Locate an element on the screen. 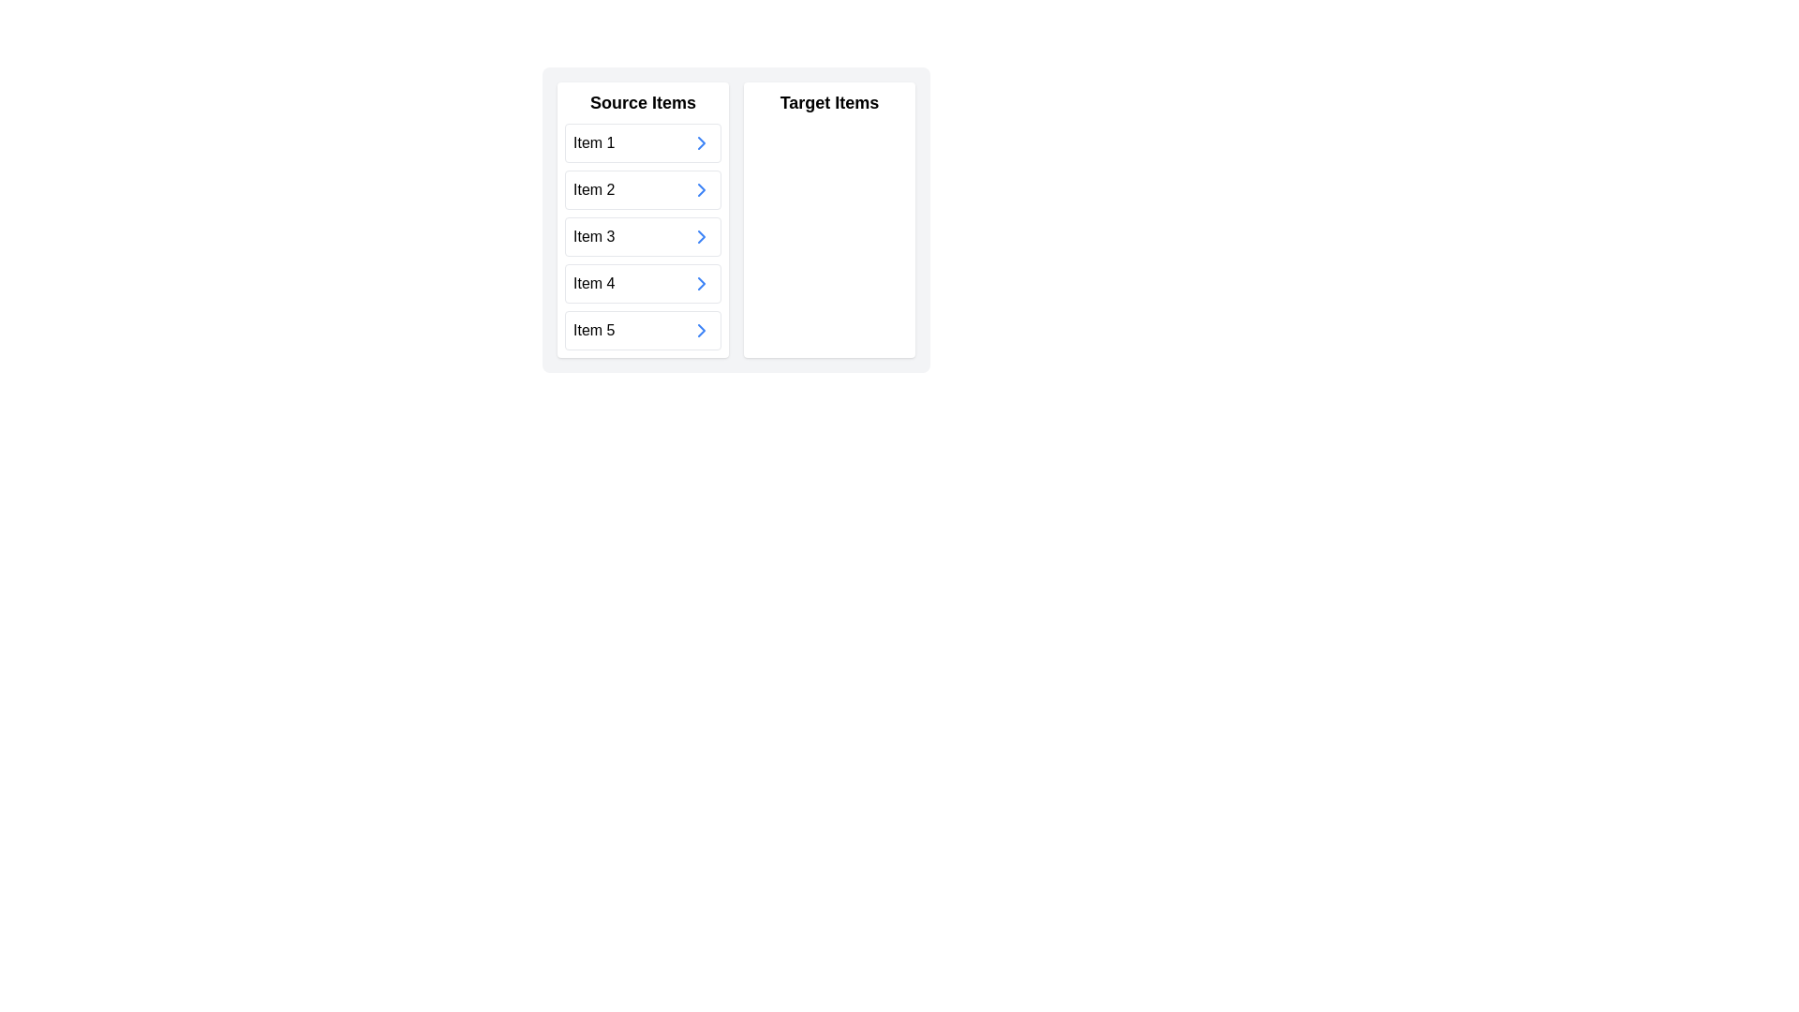  the right chevron arrow icon located next to 'Item 4' is located at coordinates (700, 284).